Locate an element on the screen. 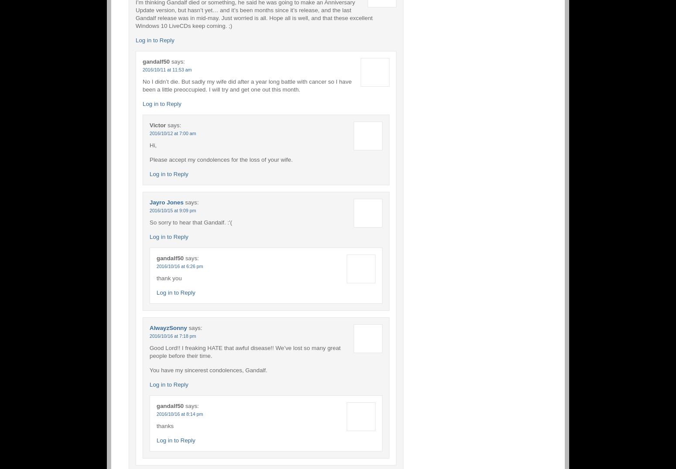  'thank you' is located at coordinates (168, 277).